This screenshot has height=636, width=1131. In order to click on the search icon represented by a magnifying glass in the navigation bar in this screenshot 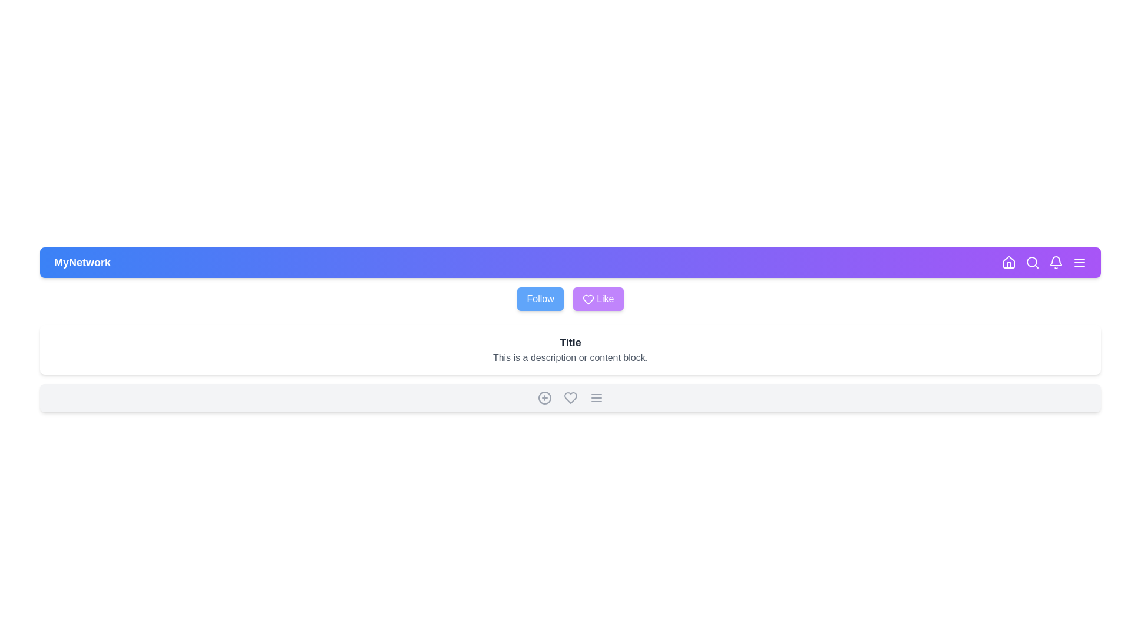, I will do `click(1031, 262)`.